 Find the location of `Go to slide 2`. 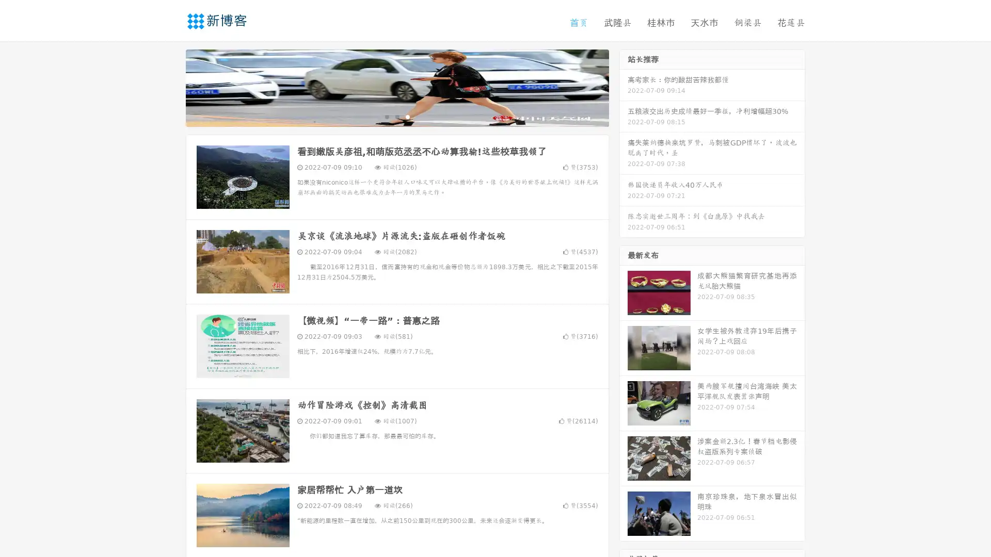

Go to slide 2 is located at coordinates (396, 116).